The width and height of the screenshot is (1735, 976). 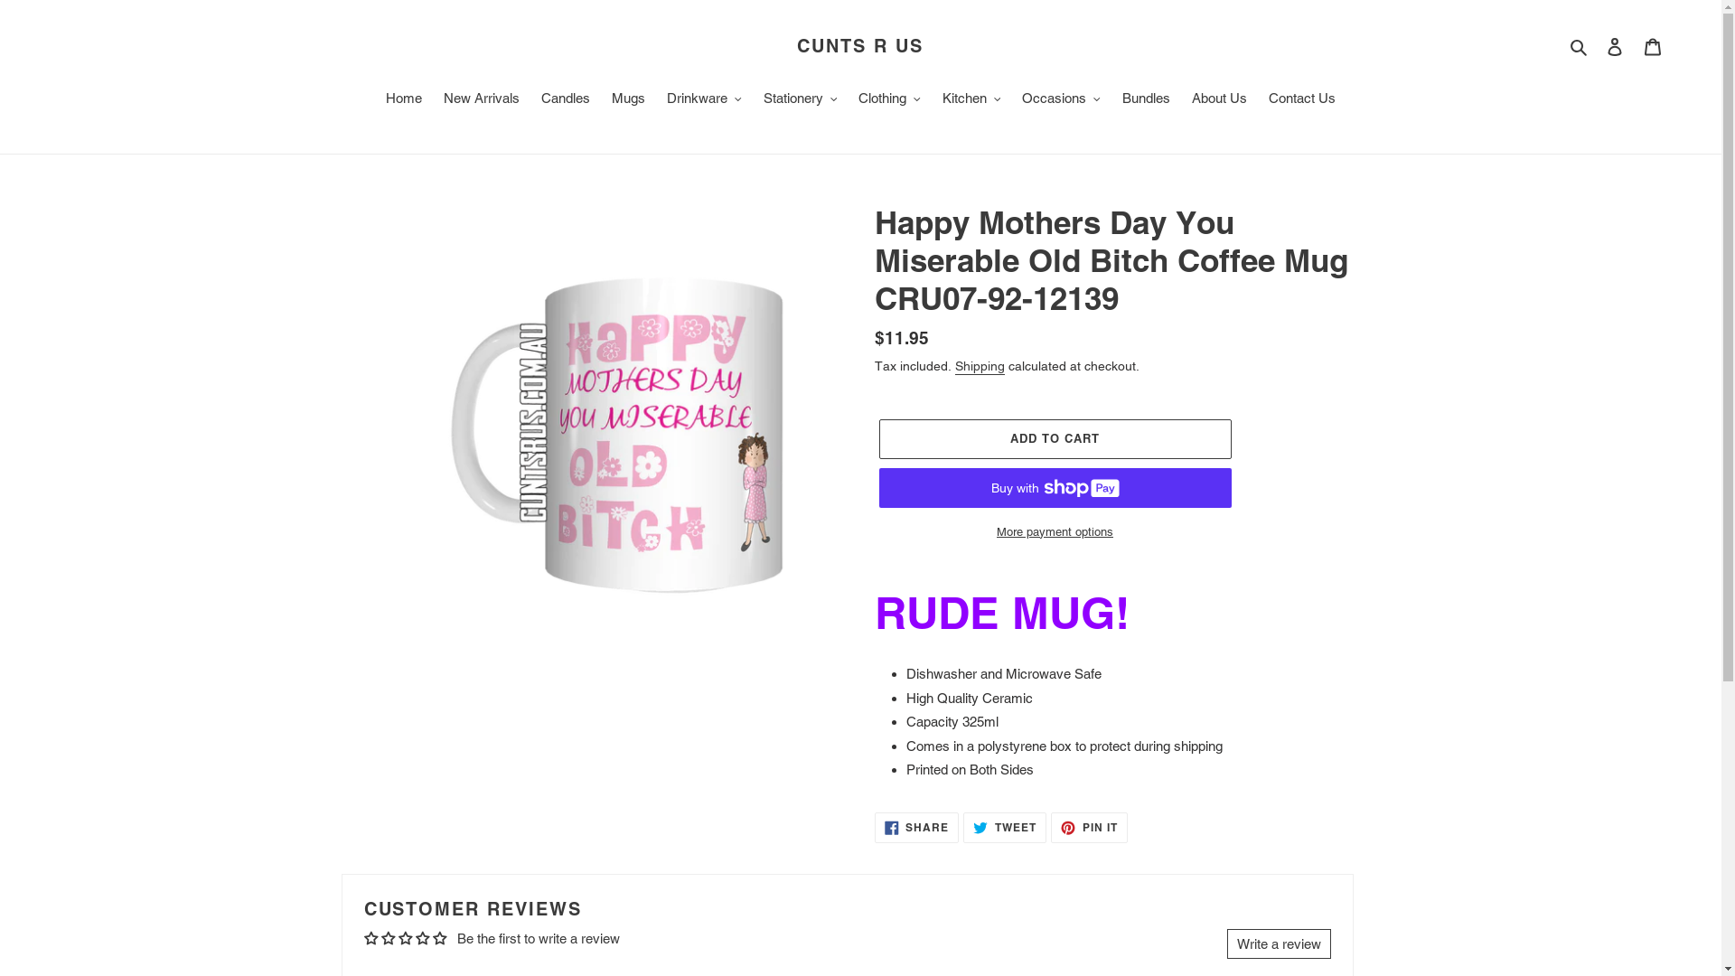 I want to click on 'Shipping', so click(x=978, y=366).